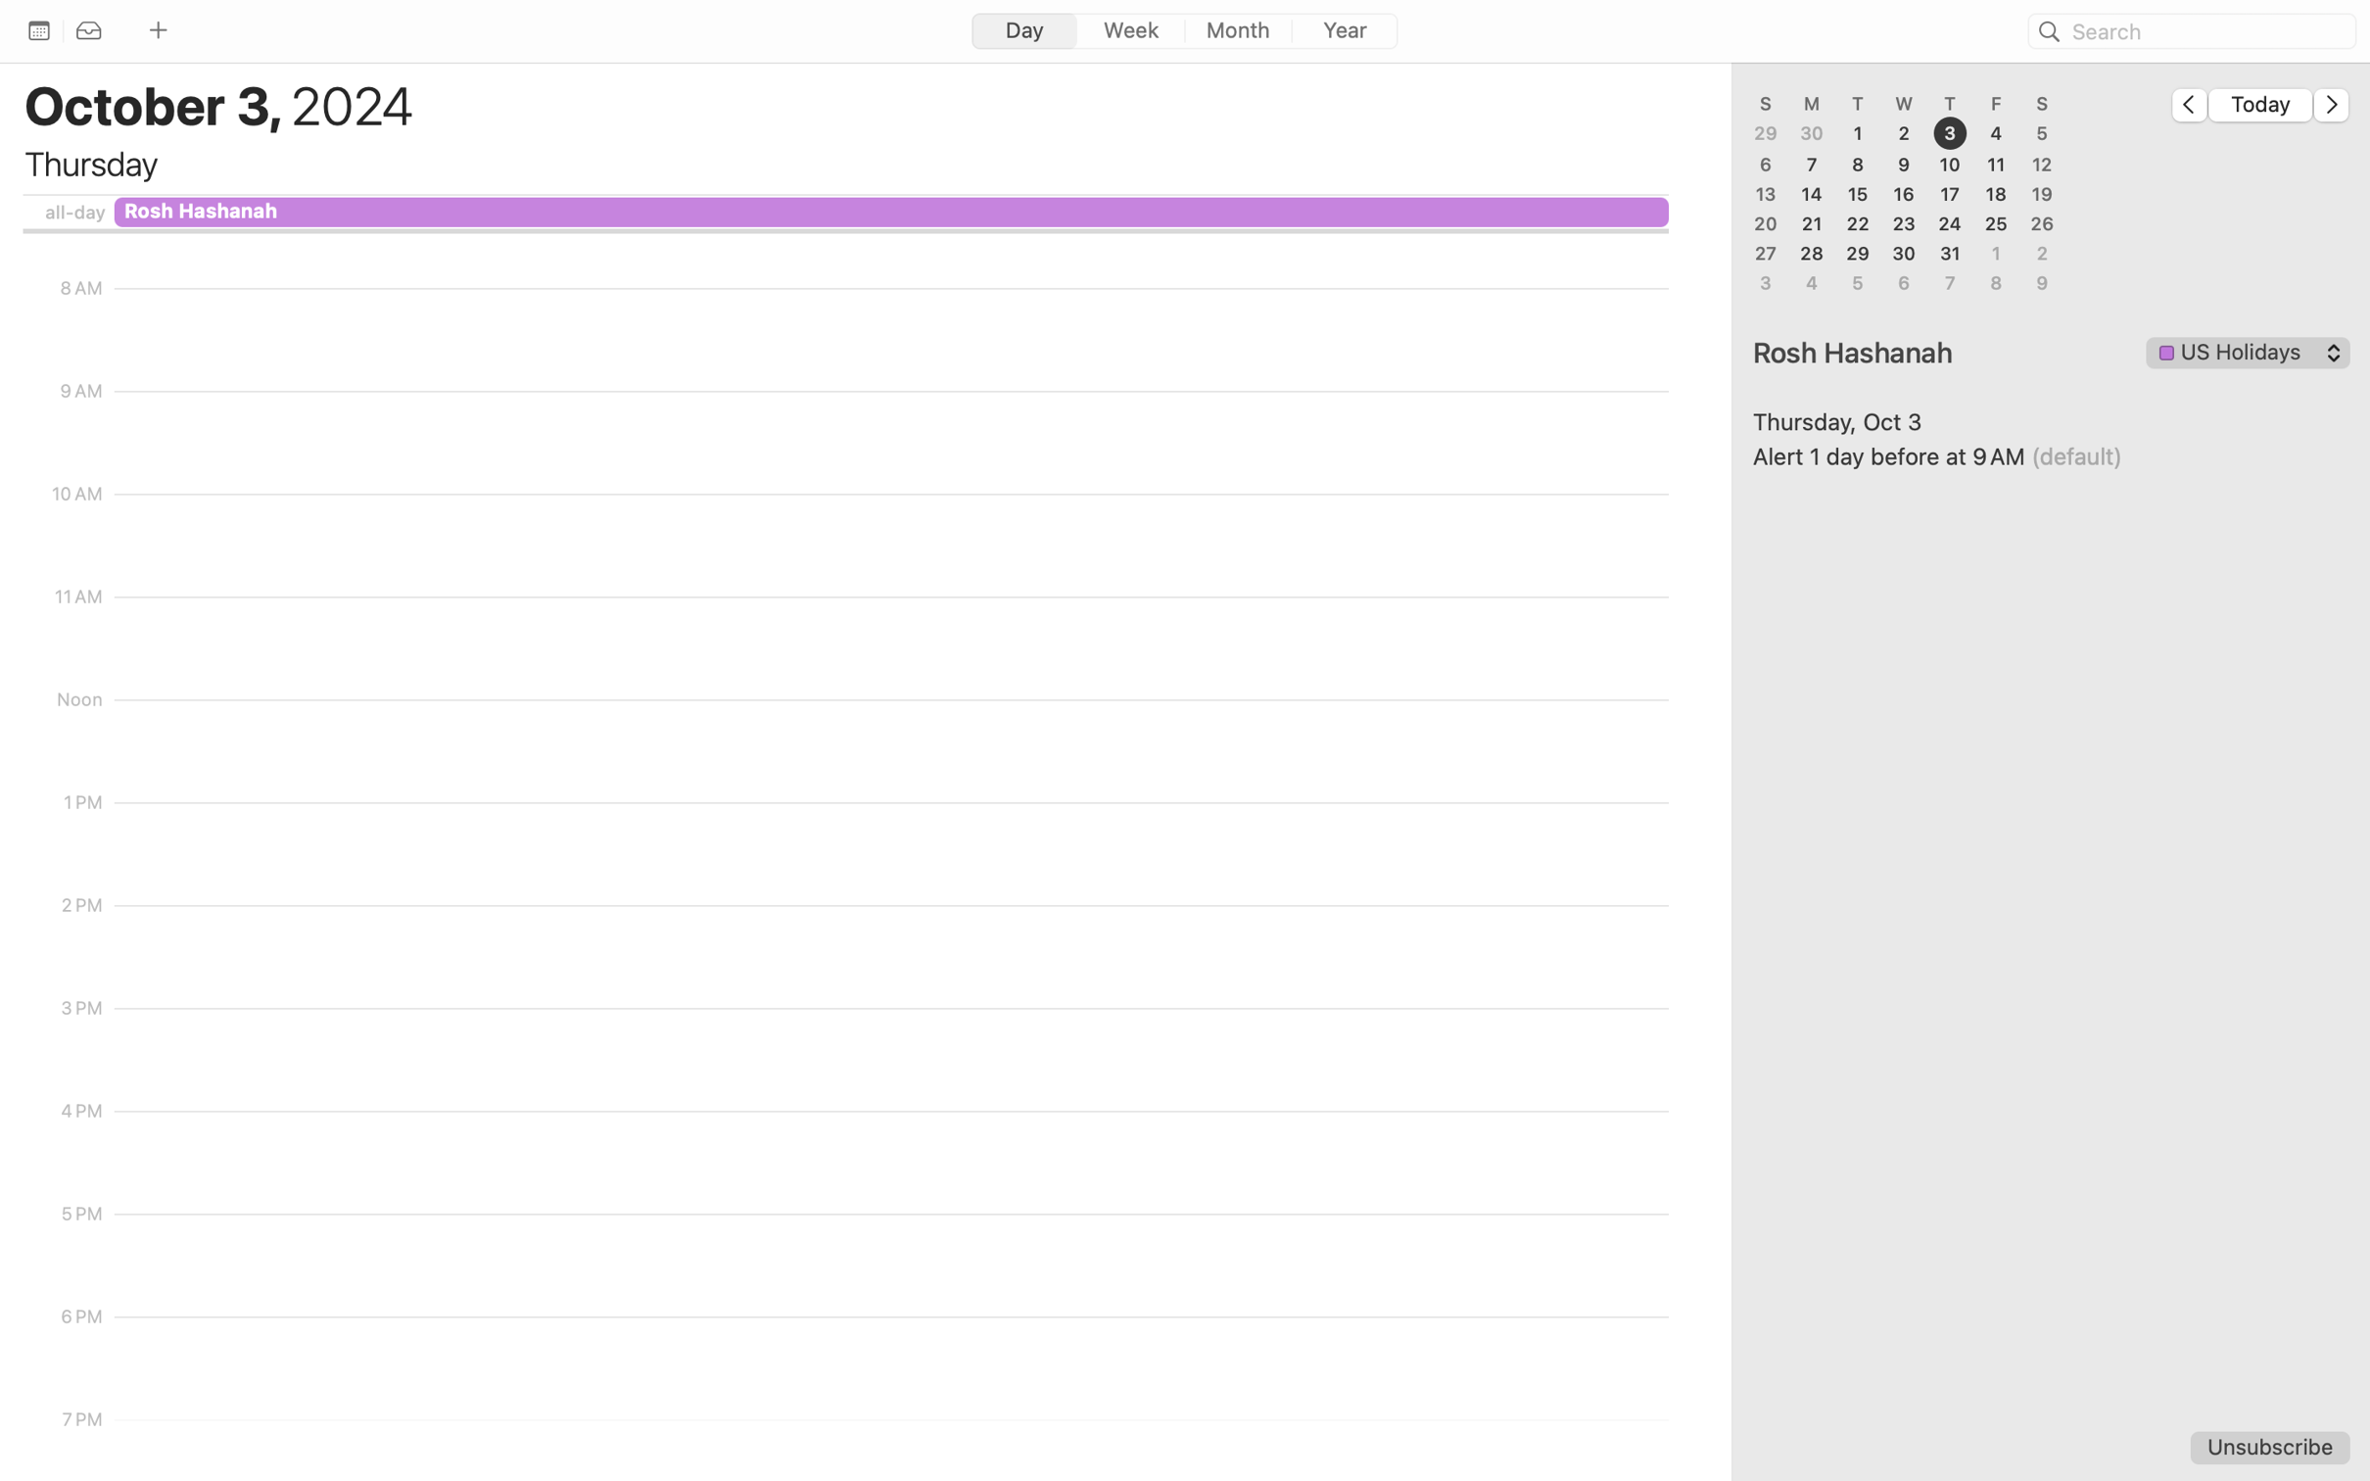  What do you see at coordinates (1904, 193) in the screenshot?
I see `'16'` at bounding box center [1904, 193].